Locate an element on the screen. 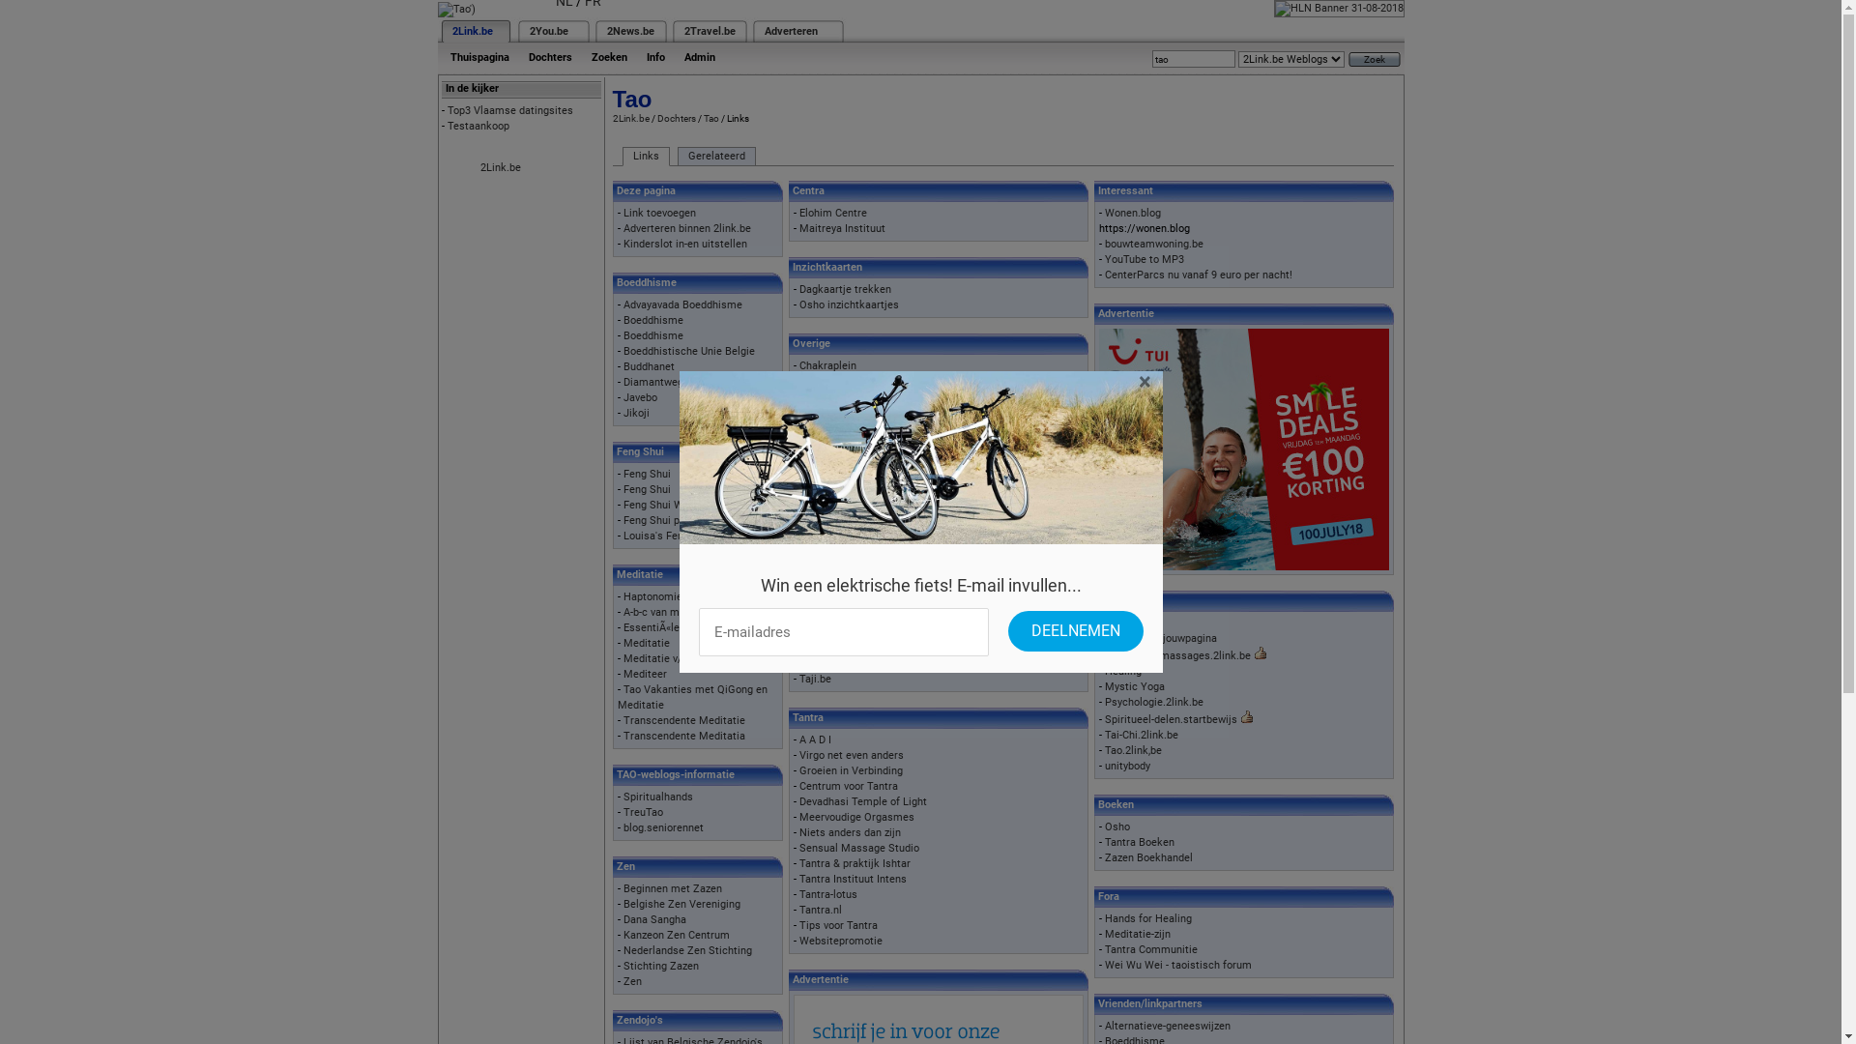 This screenshot has width=1856, height=1044. 'Louisa's Feng Shui Site' is located at coordinates (678, 536).